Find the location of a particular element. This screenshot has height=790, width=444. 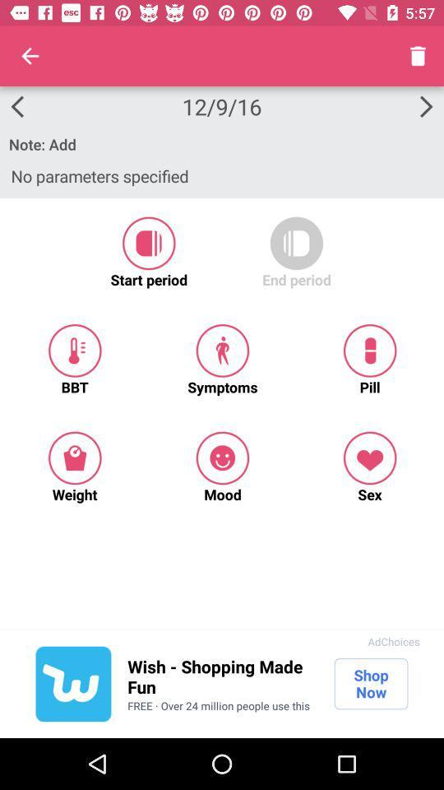

the icon next to the 12/9/16 is located at coordinates (30, 56).